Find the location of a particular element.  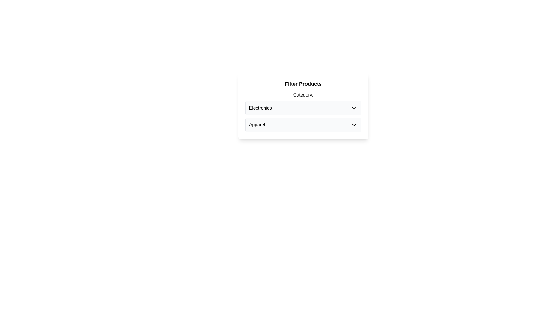

the Text label that describes the category filter section, located below the 'Filter Products' heading and above the list of categories is located at coordinates (303, 94).